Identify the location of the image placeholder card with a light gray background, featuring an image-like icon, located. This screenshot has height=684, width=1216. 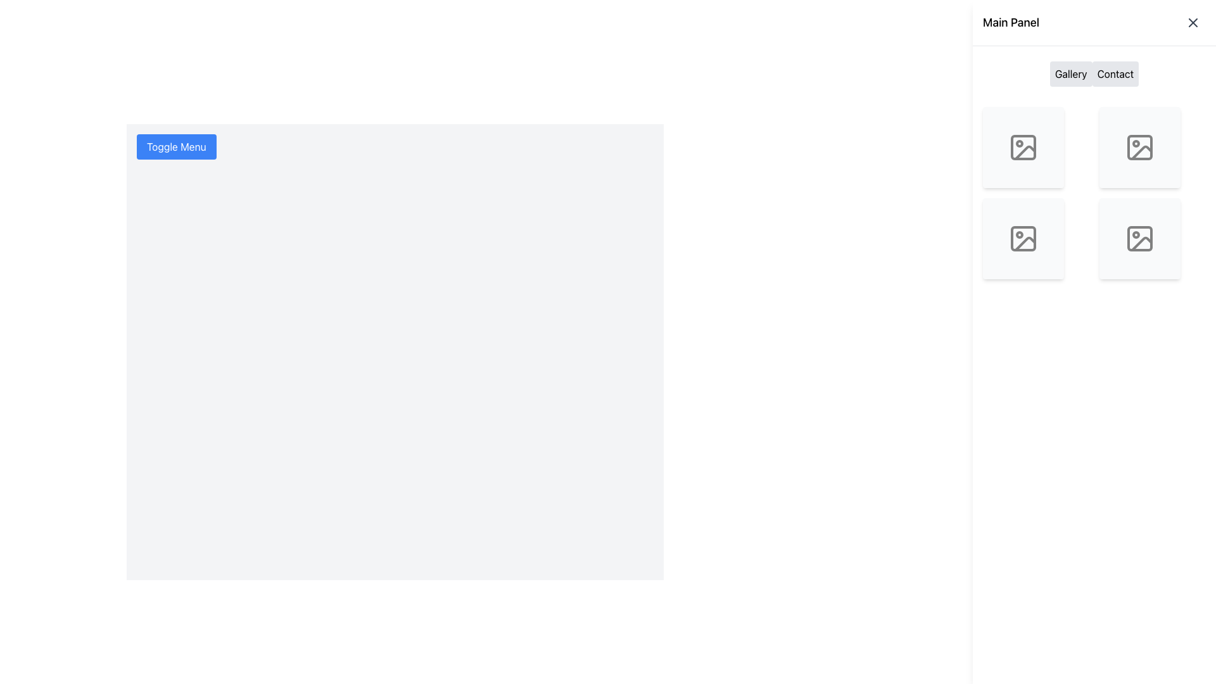
(1140, 146).